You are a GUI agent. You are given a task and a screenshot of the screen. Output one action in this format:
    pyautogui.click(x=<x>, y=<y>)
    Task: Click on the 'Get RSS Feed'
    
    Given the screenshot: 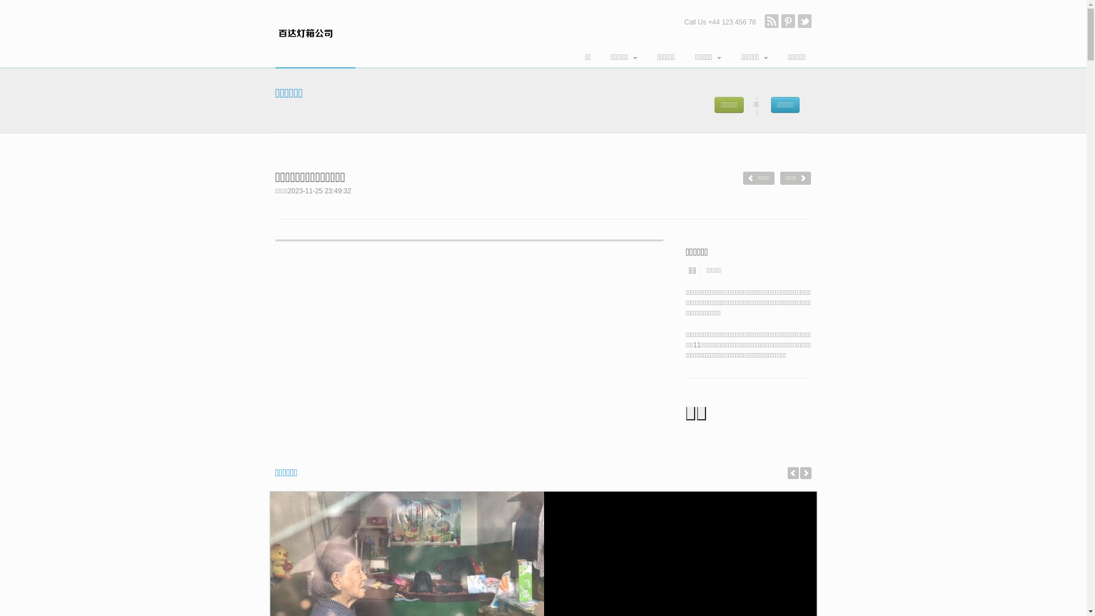 What is the action you would take?
    pyautogui.click(x=771, y=21)
    